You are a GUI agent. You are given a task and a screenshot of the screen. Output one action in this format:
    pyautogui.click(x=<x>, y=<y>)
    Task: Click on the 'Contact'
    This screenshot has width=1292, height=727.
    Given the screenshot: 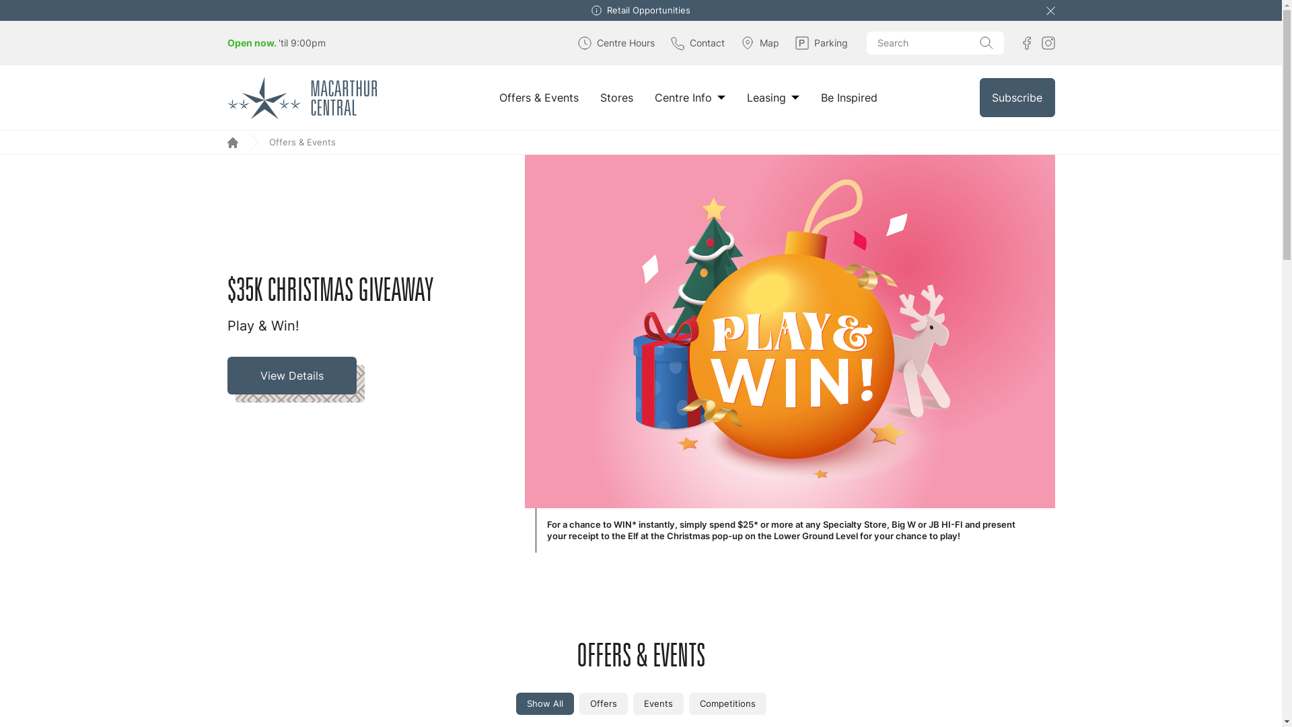 What is the action you would take?
    pyautogui.click(x=697, y=42)
    